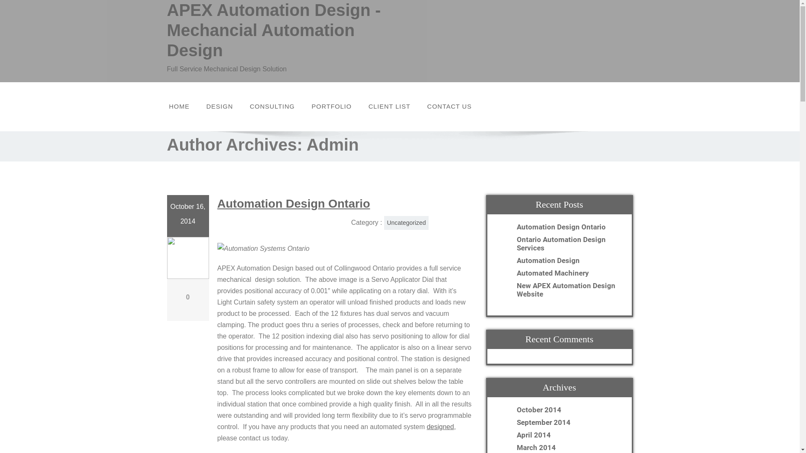 The image size is (806, 453). I want to click on 'Uncategorized', so click(406, 222).